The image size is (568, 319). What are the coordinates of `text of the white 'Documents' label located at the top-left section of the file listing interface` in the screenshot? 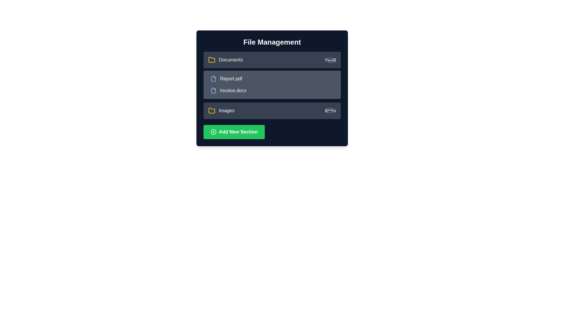 It's located at (230, 60).